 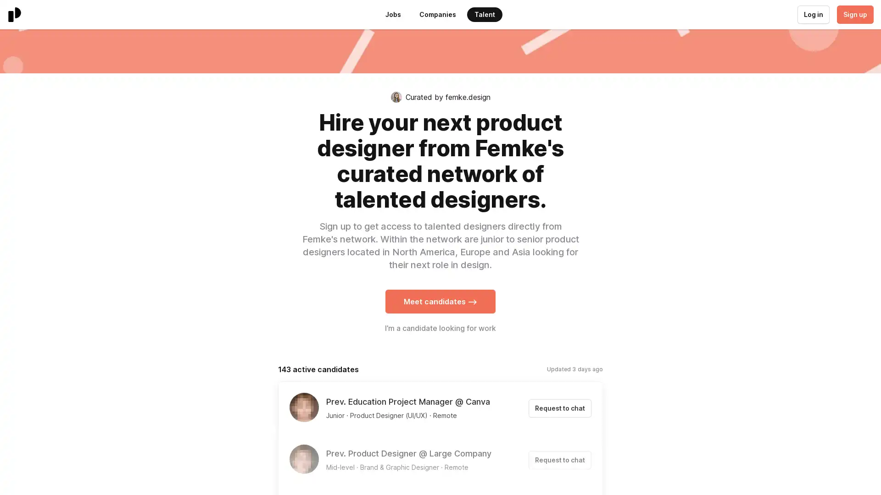 I want to click on Log in, so click(x=813, y=14).